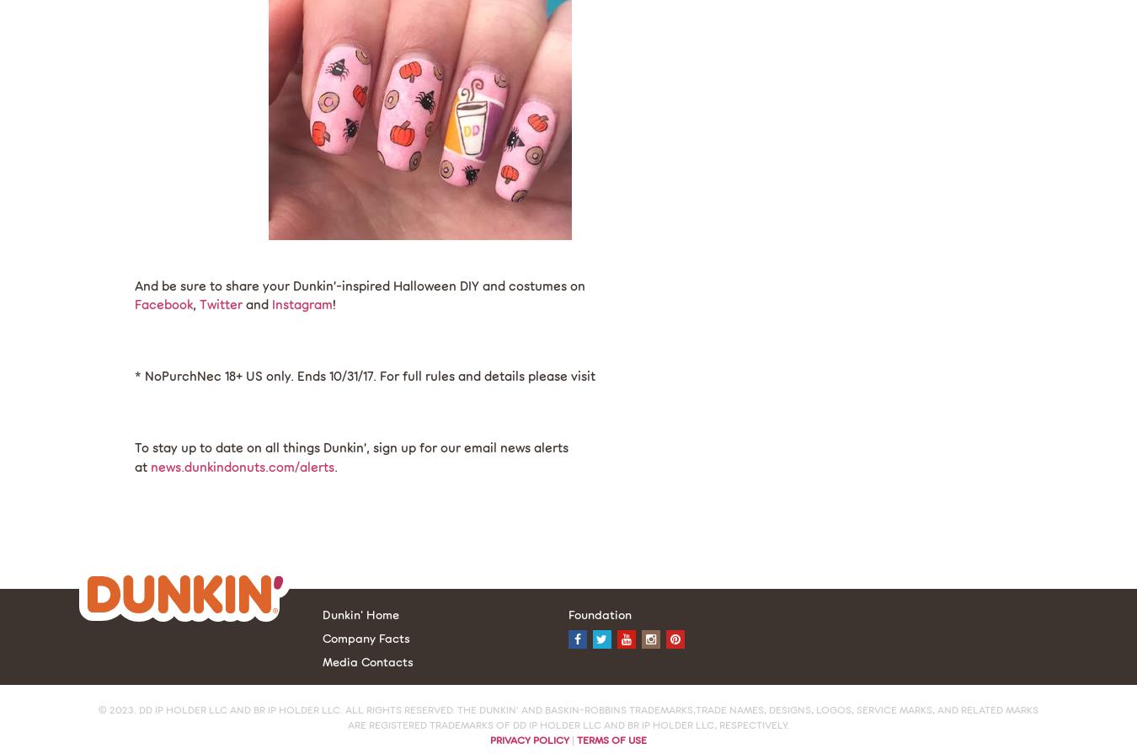 The height and width of the screenshot is (754, 1137). What do you see at coordinates (256, 304) in the screenshot?
I see `'and'` at bounding box center [256, 304].